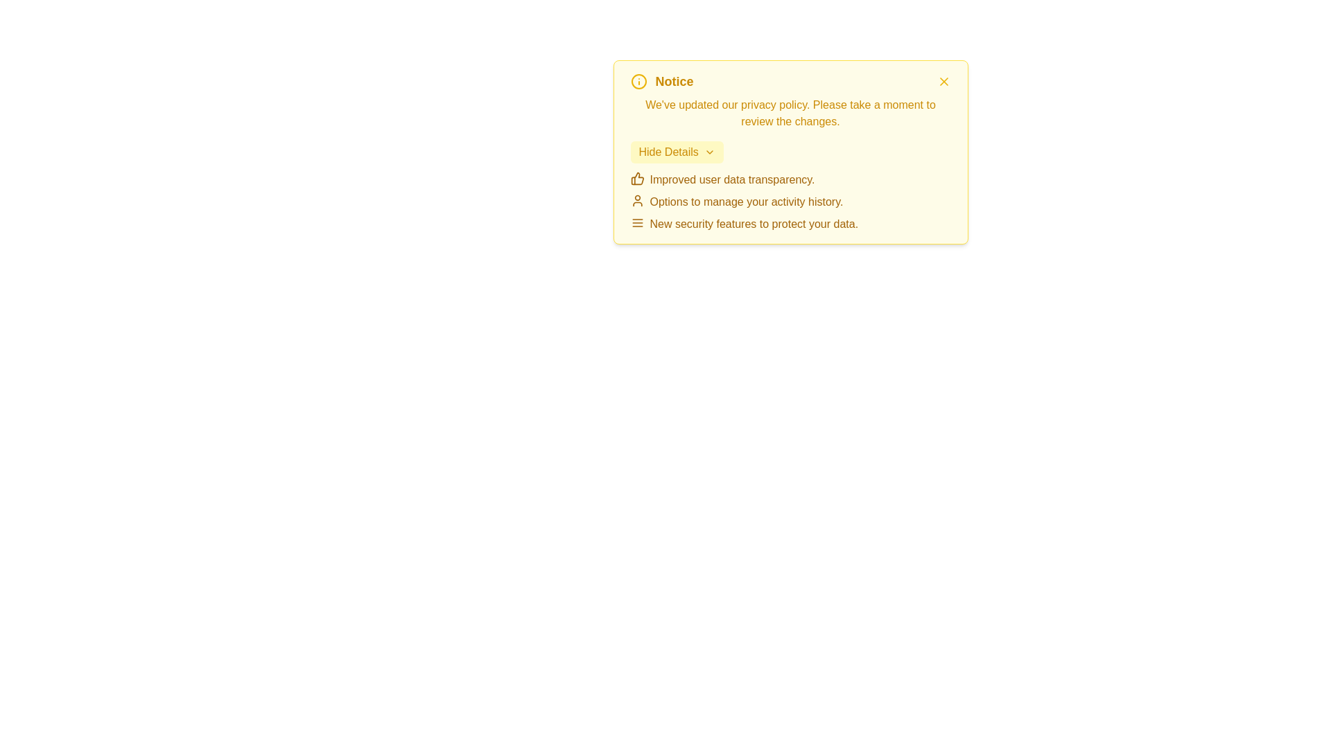 The image size is (1331, 748). Describe the element at coordinates (753, 224) in the screenshot. I see `message from the third text label under the notice box that notifies users about new security features` at that location.